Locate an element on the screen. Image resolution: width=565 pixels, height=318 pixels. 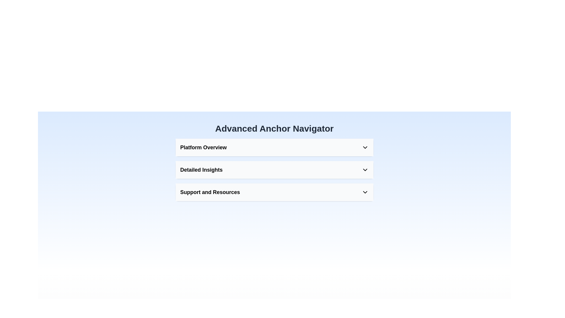
the chevron-down icon located at the far right of the 'Detailed Insights' row is located at coordinates (365, 170).